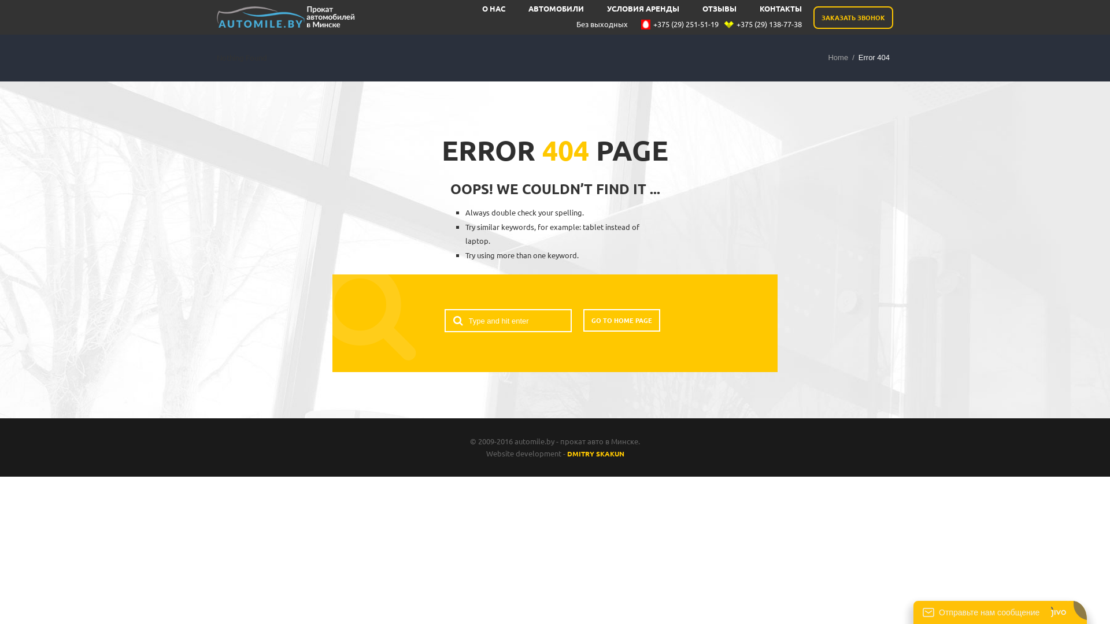  What do you see at coordinates (718, 24) in the screenshot?
I see `'+375 (29) 138-77-38'` at bounding box center [718, 24].